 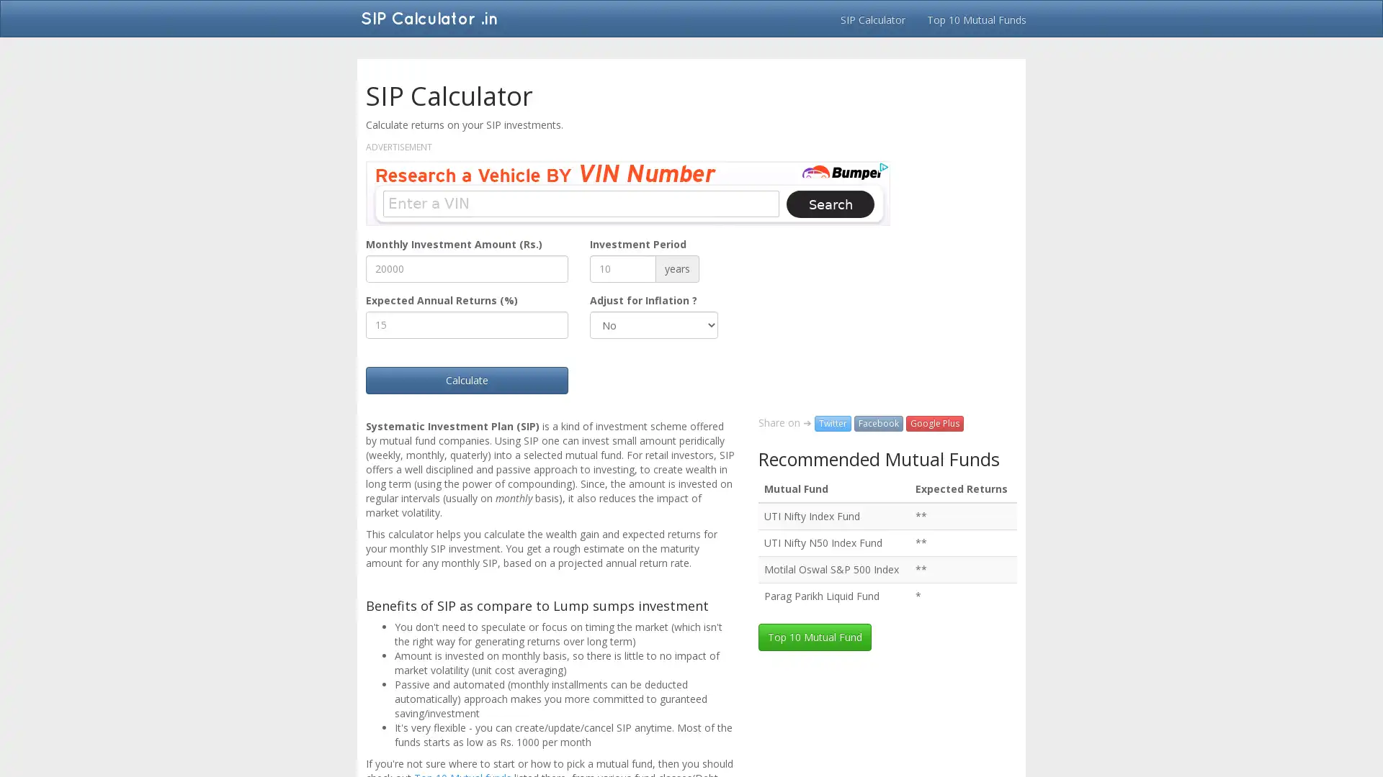 I want to click on Calculate, so click(x=467, y=379).